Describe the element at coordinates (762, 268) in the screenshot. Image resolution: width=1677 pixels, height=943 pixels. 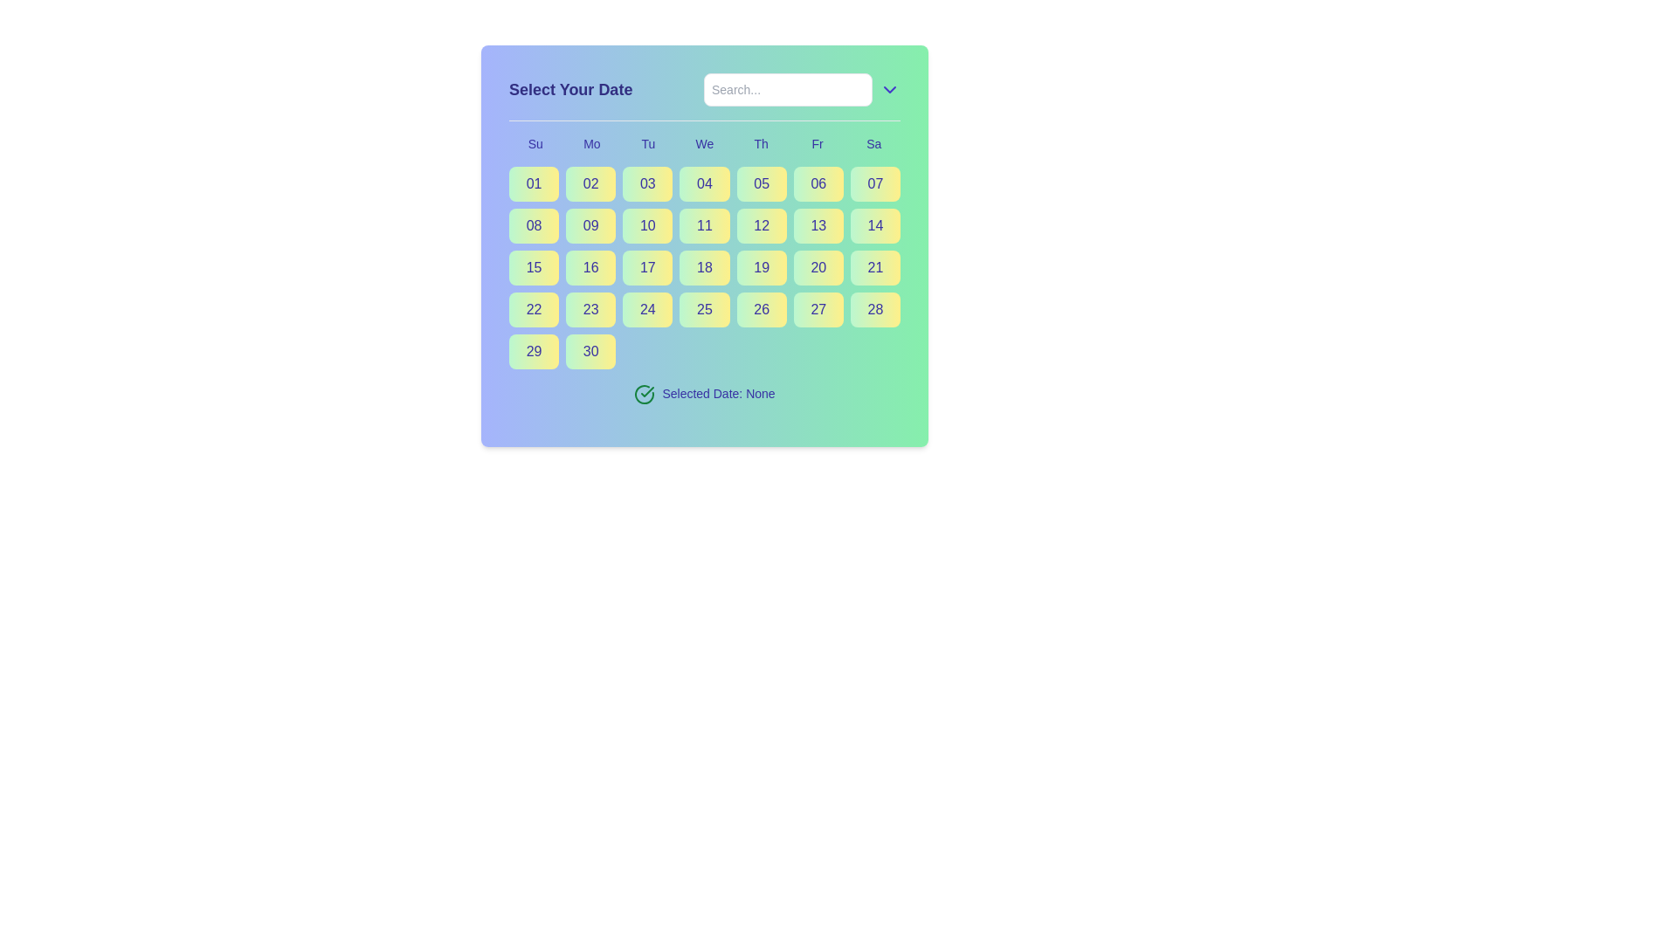
I see `the interactive date selection button for the 19th of the month, located in the sixth row under the 'Th' (Thursday) column` at that location.